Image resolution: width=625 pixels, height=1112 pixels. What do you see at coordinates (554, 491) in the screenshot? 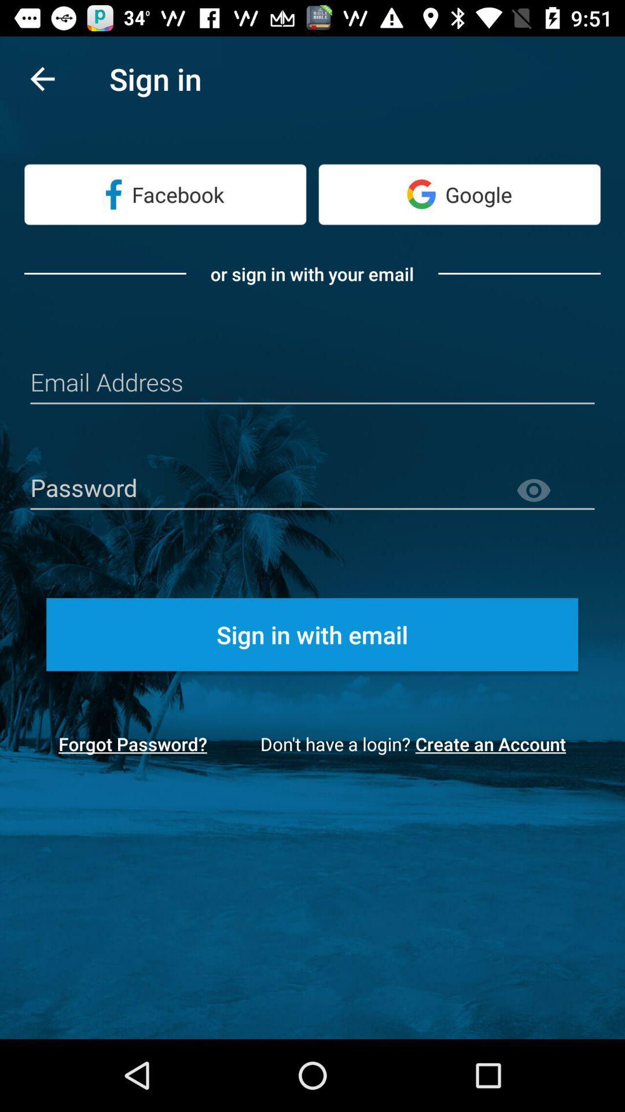
I see `item above the sign in with` at bounding box center [554, 491].